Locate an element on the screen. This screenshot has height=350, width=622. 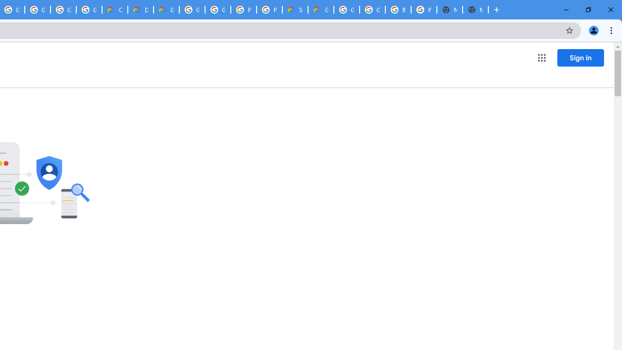
'Customer Care | Google Cloud' is located at coordinates (115, 10).